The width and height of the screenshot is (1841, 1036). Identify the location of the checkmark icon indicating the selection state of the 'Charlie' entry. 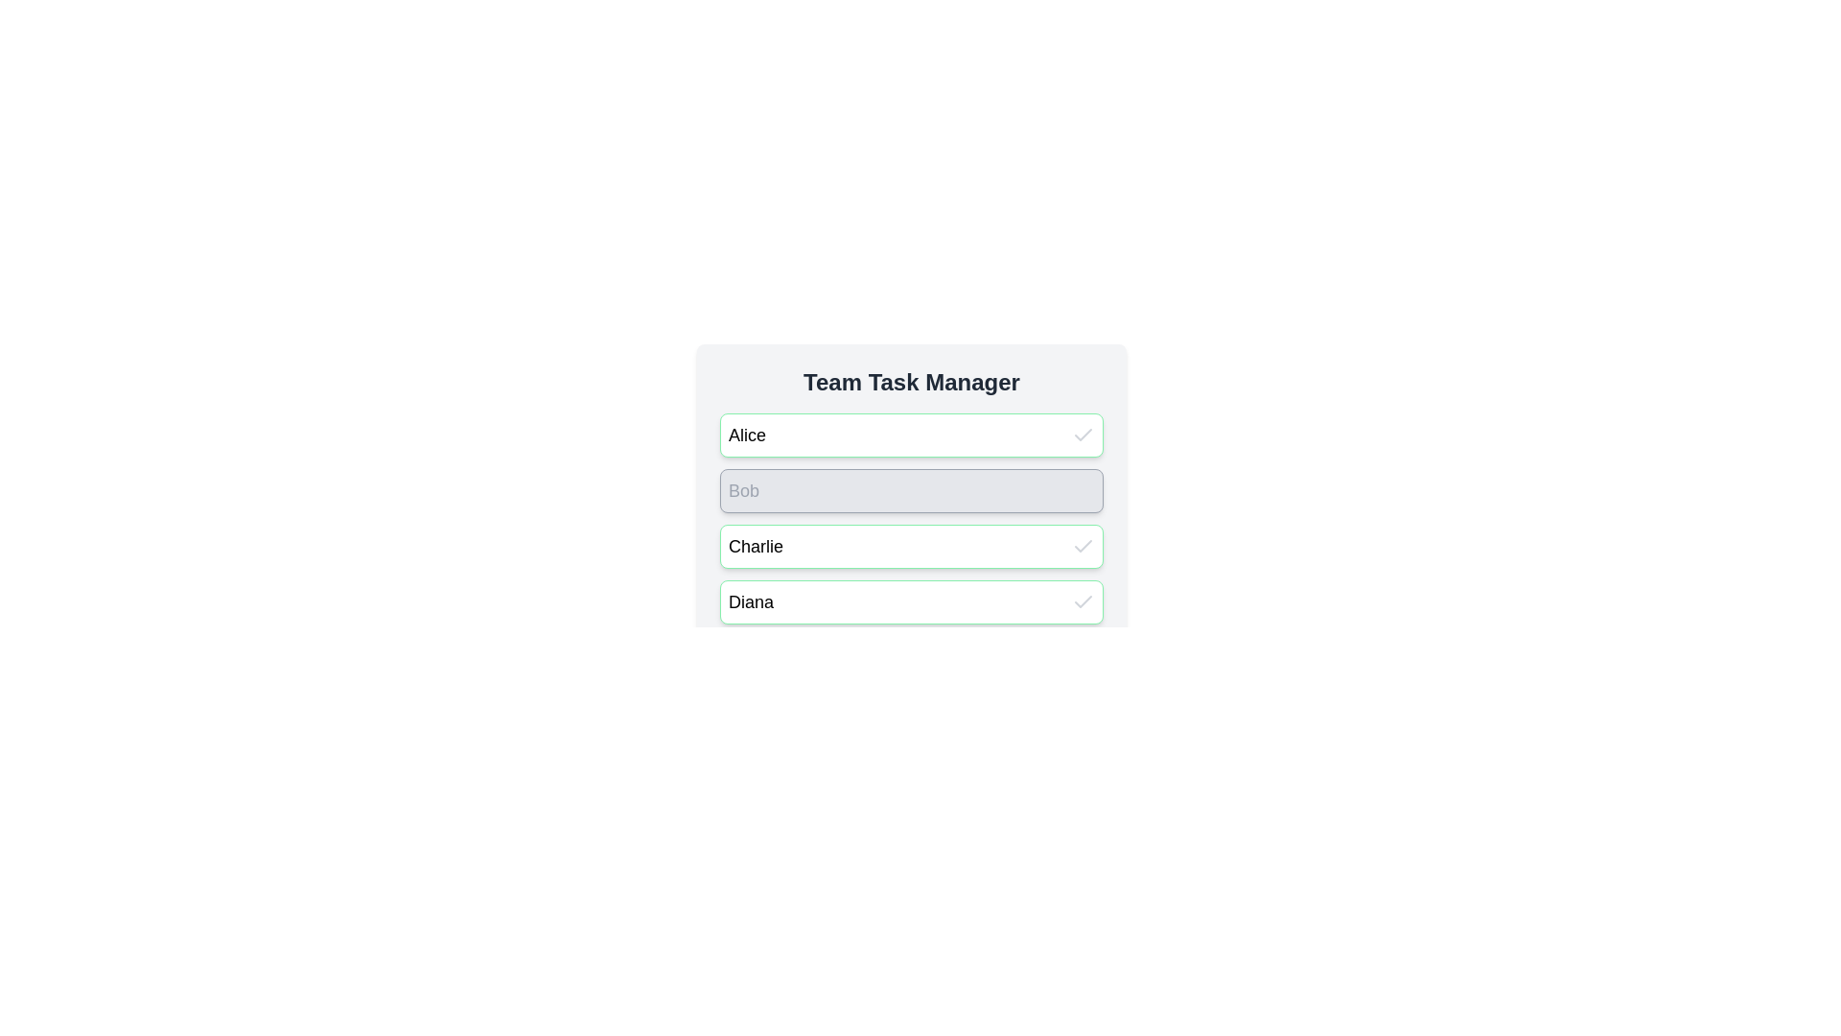
(1083, 547).